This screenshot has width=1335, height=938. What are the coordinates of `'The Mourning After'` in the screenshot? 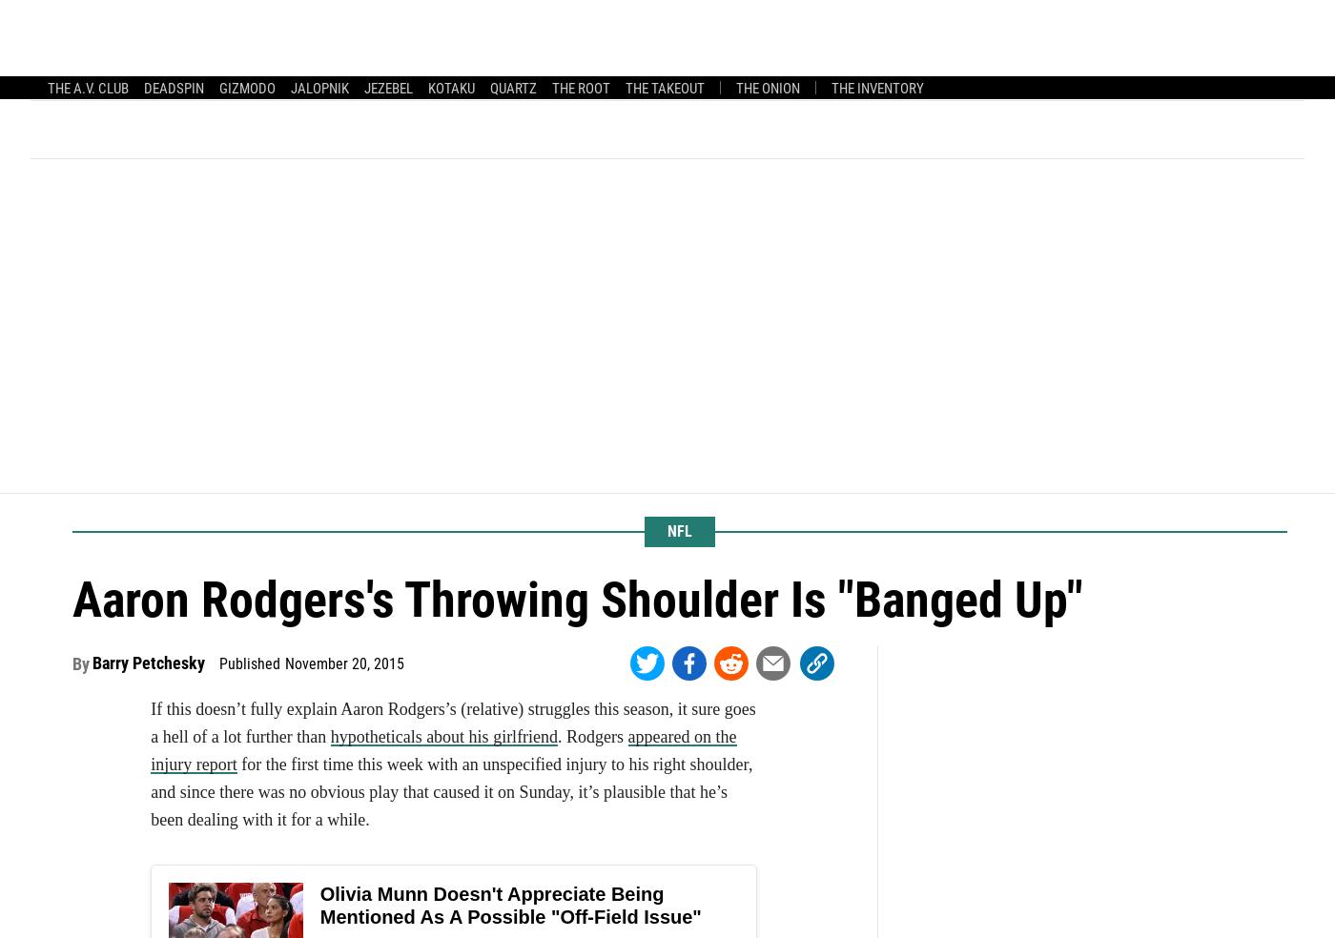 It's located at (379, 51).